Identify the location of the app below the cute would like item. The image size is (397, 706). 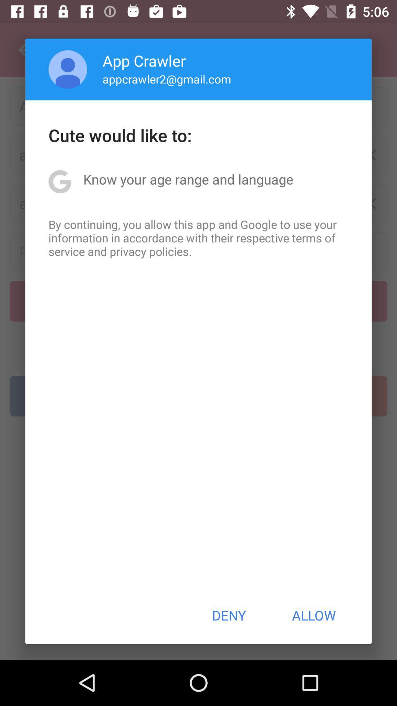
(188, 179).